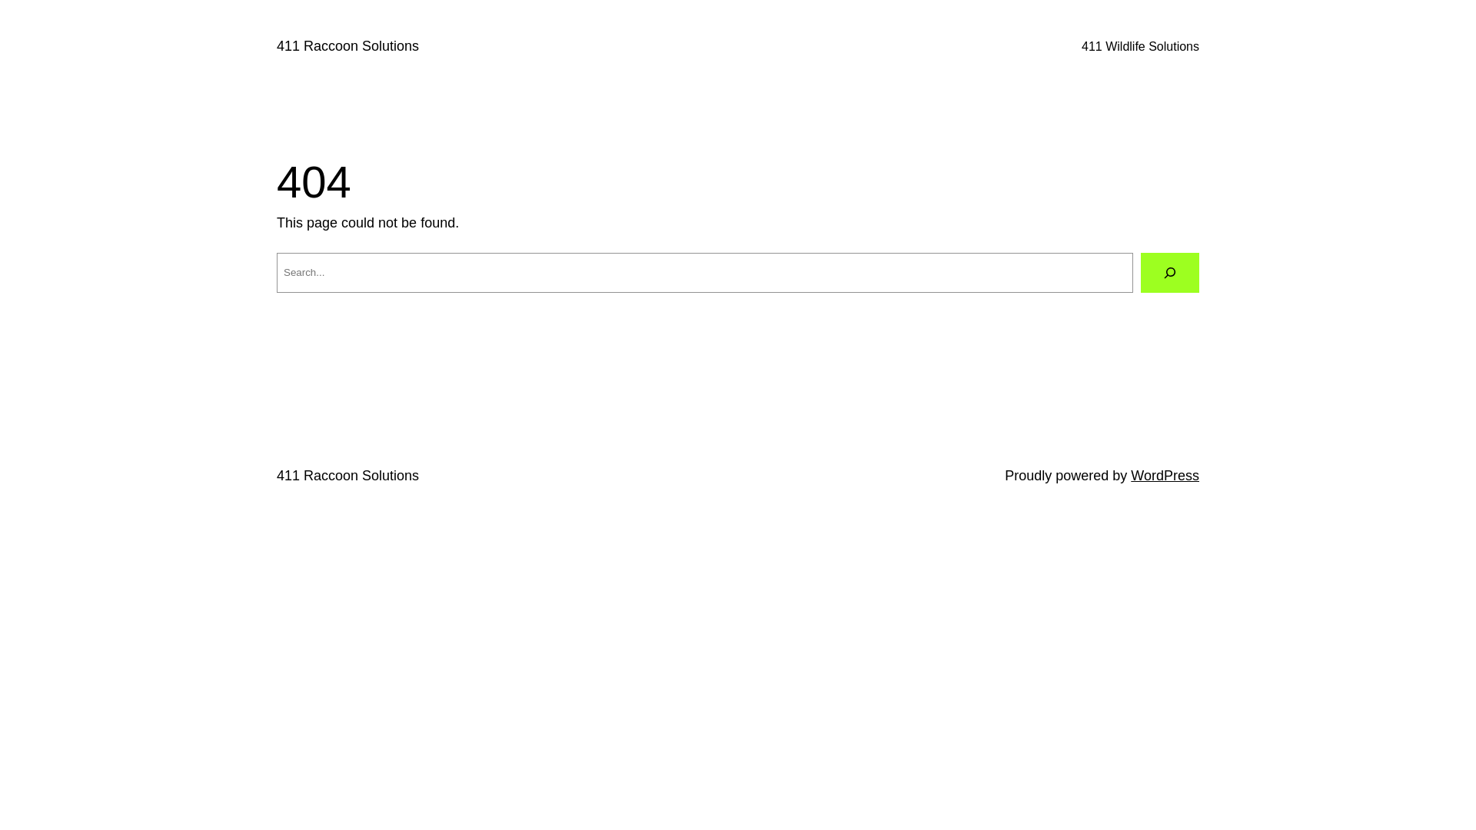  I want to click on '411 Wildlife Solutions', so click(1080, 46).